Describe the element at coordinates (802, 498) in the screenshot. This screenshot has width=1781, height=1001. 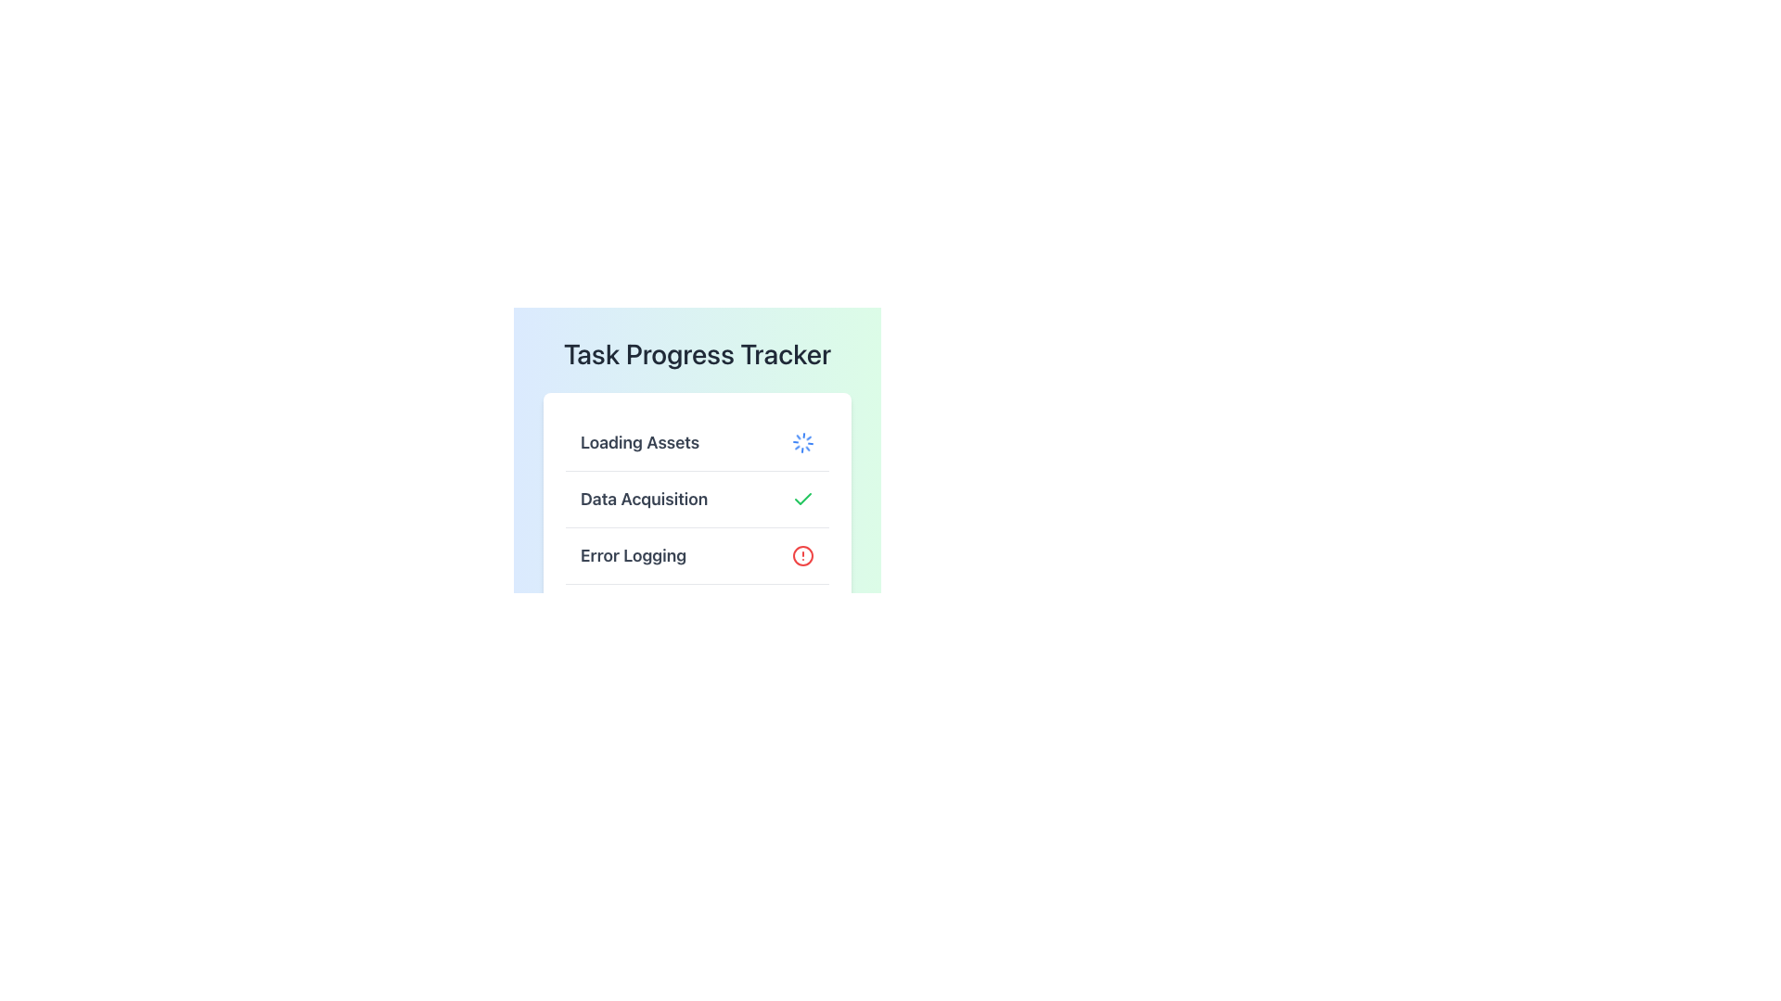
I see `the state of the green checkmark icon indicating successful completion in the 'Task Progress Tracker' interface, located to the right of the 'Data Acquisition' label` at that location.